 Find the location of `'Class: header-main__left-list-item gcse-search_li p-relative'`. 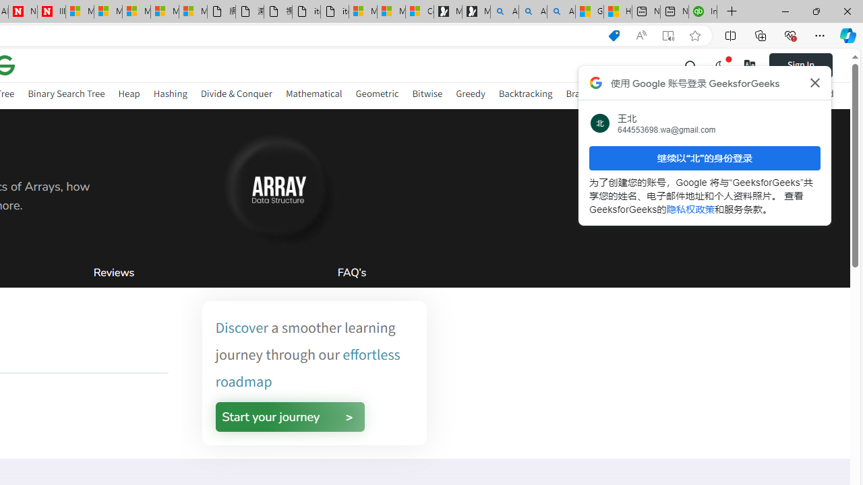

'Class: header-main__left-list-item gcse-search_li p-relative' is located at coordinates (691, 65).